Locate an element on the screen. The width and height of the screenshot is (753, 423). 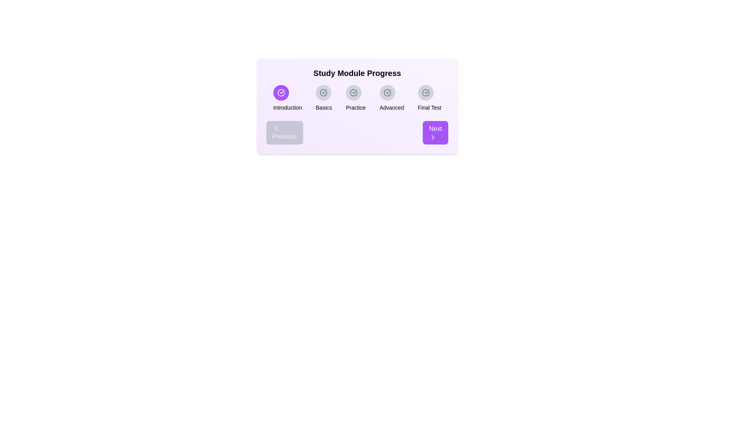
text label 'Introduction' located below the purple circular icon with a white check mark, which is the first element in a horizontal sequence of five sections is located at coordinates (287, 98).